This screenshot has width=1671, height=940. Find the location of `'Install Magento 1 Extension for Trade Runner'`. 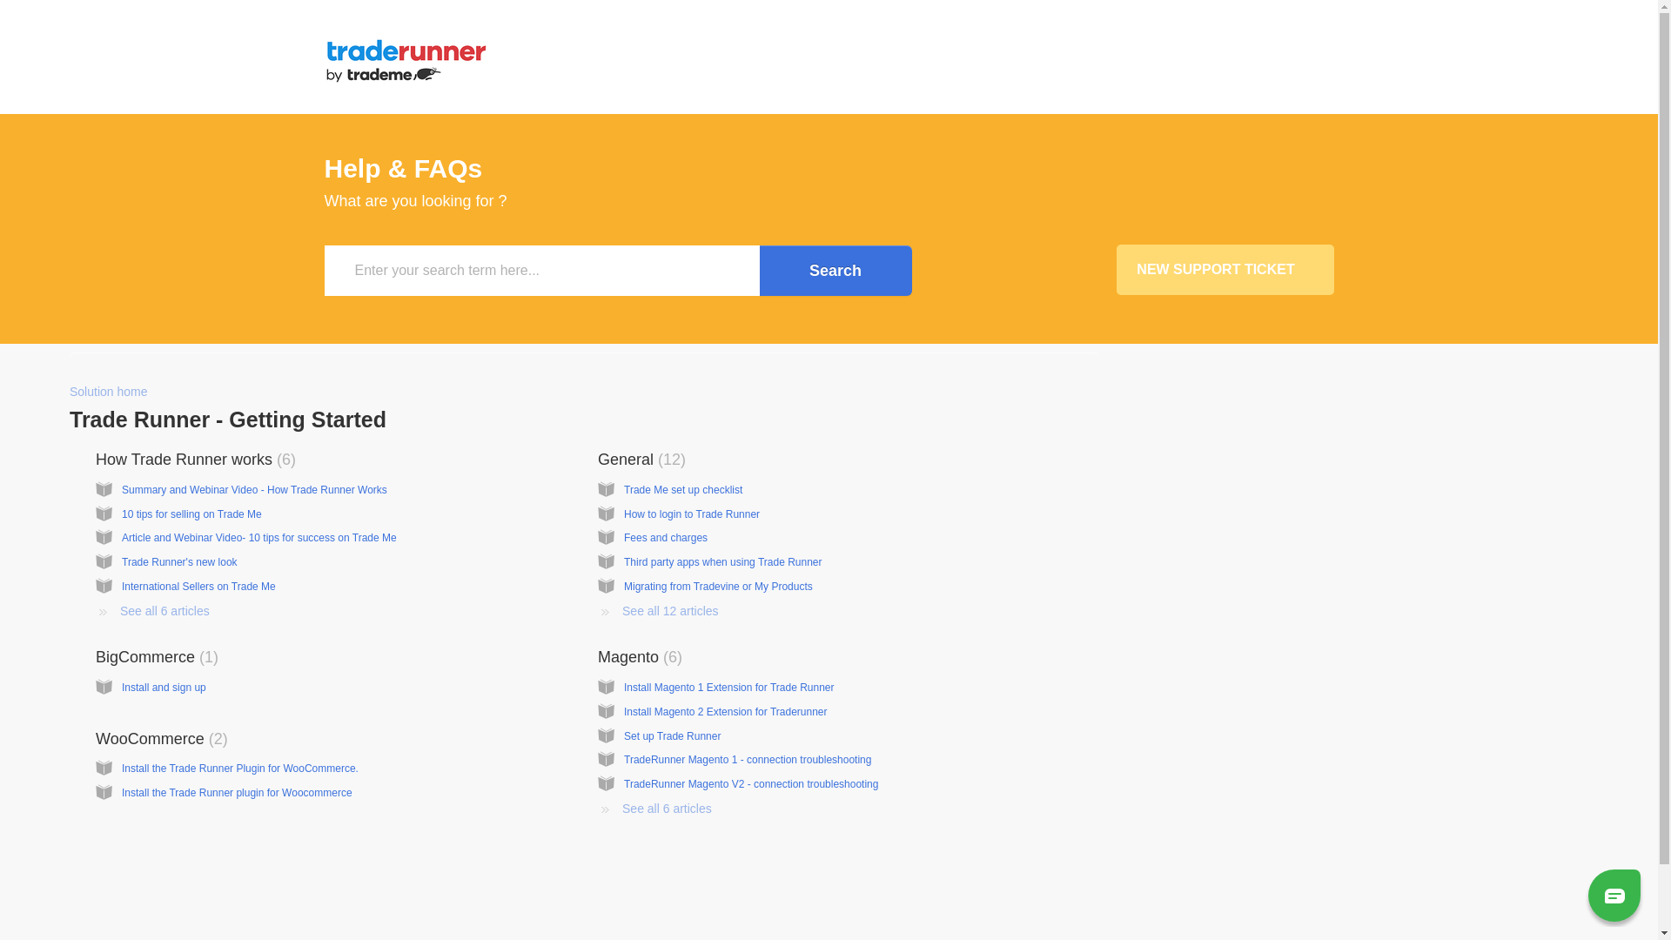

'Install Magento 1 Extension for Trade Runner' is located at coordinates (728, 687).